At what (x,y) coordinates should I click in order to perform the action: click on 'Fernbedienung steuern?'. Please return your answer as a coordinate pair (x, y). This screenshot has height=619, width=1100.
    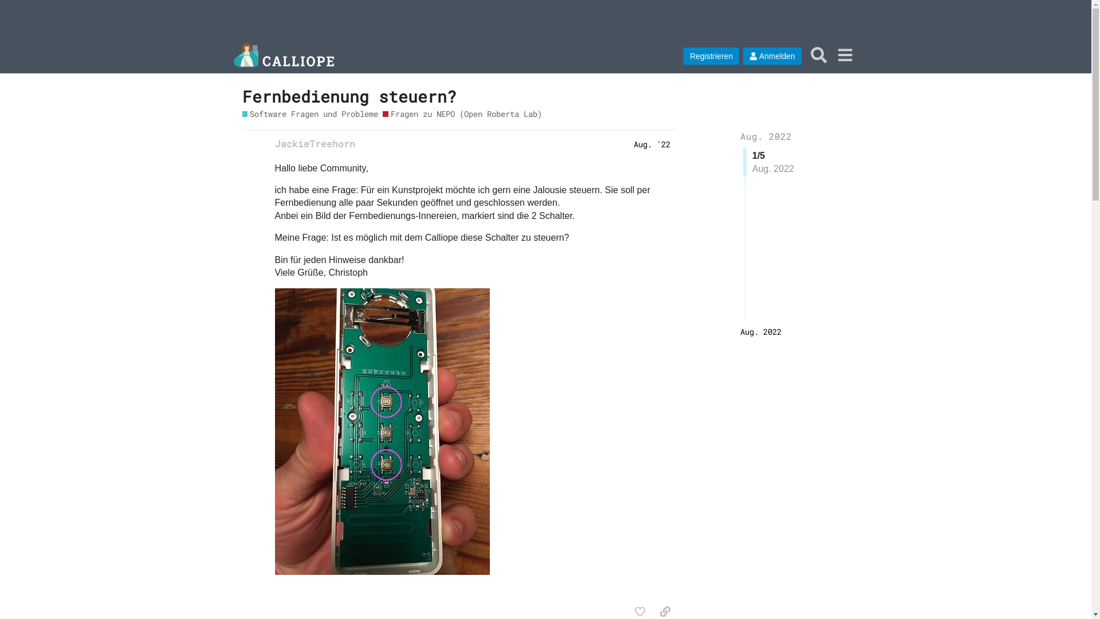
    Looking at the image, I should click on (348, 96).